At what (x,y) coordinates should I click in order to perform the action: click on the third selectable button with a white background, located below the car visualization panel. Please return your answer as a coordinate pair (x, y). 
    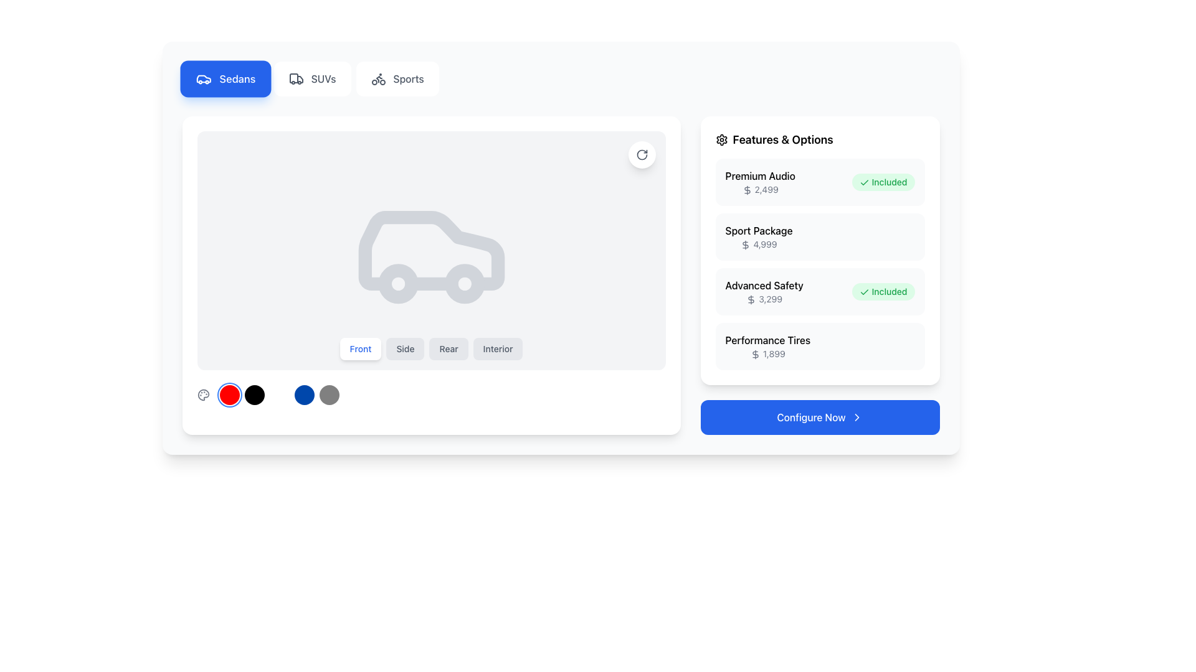
    Looking at the image, I should click on (278, 395).